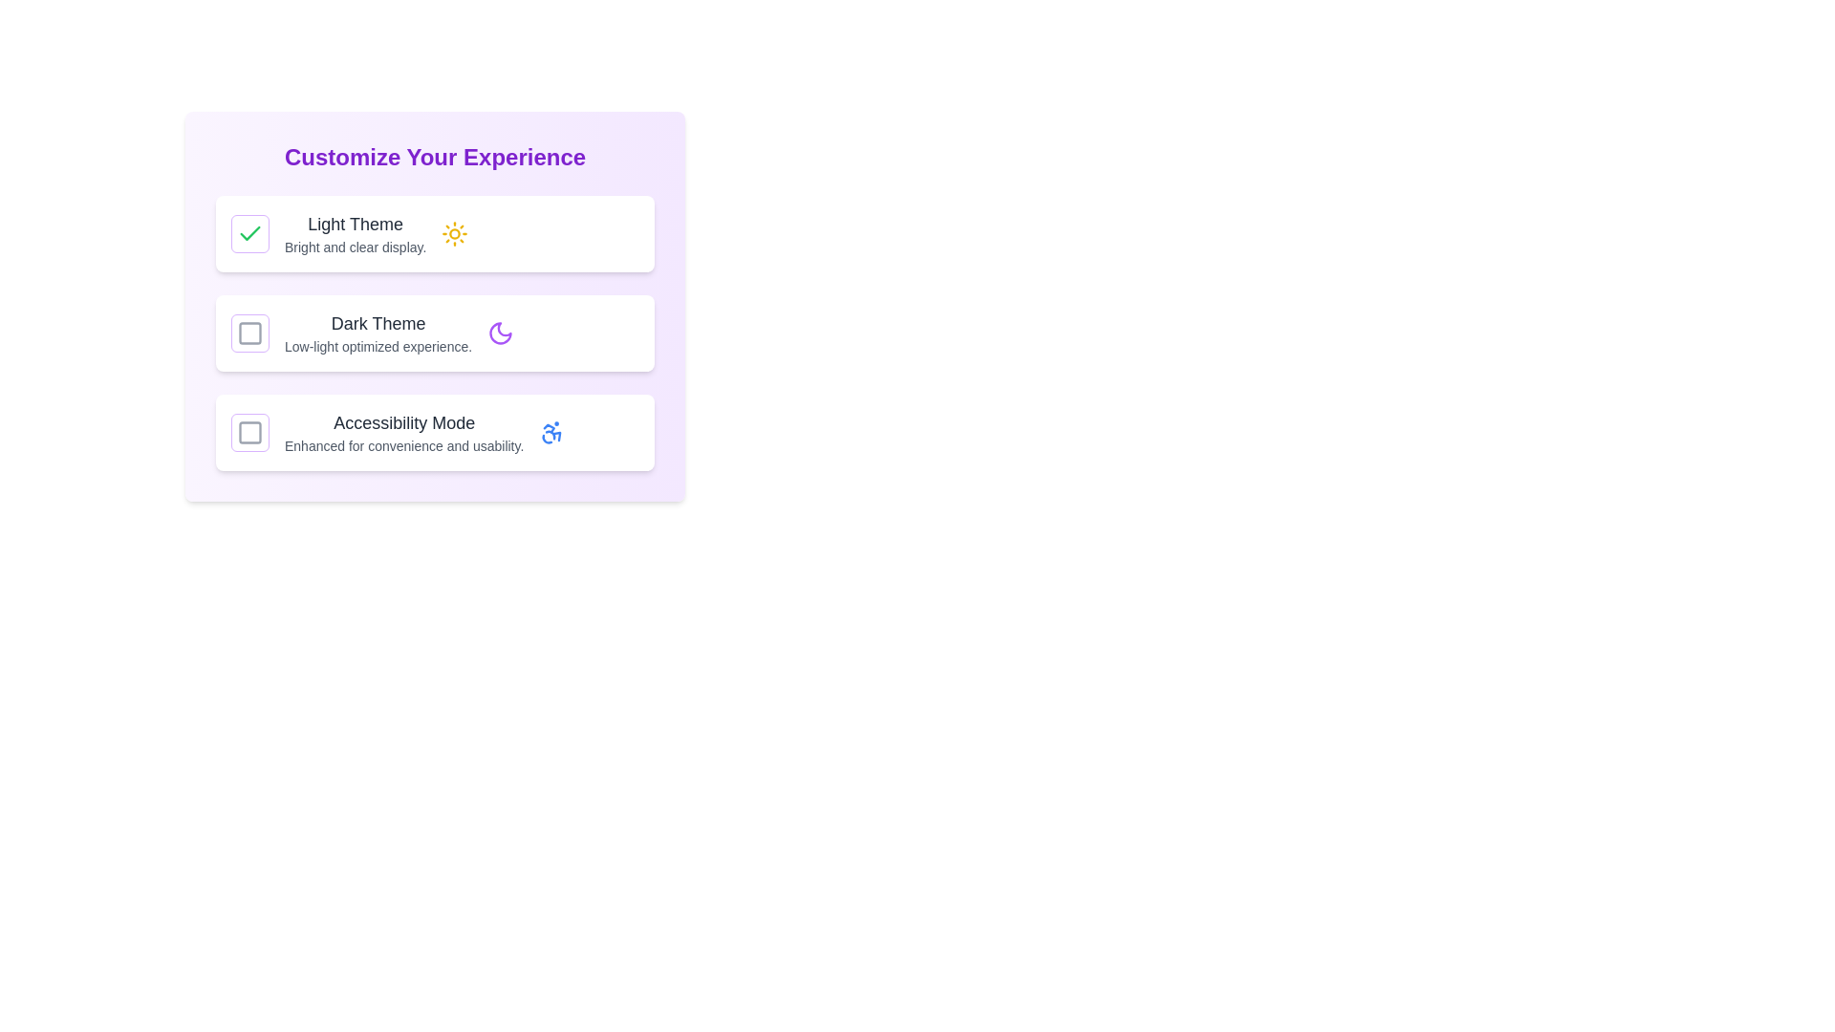  What do you see at coordinates (551, 432) in the screenshot?
I see `the Accessibility Mode icon located in the Customize Your Experience section, aligned to the right of the text 'Enhanced for convenience and usability.'` at bounding box center [551, 432].